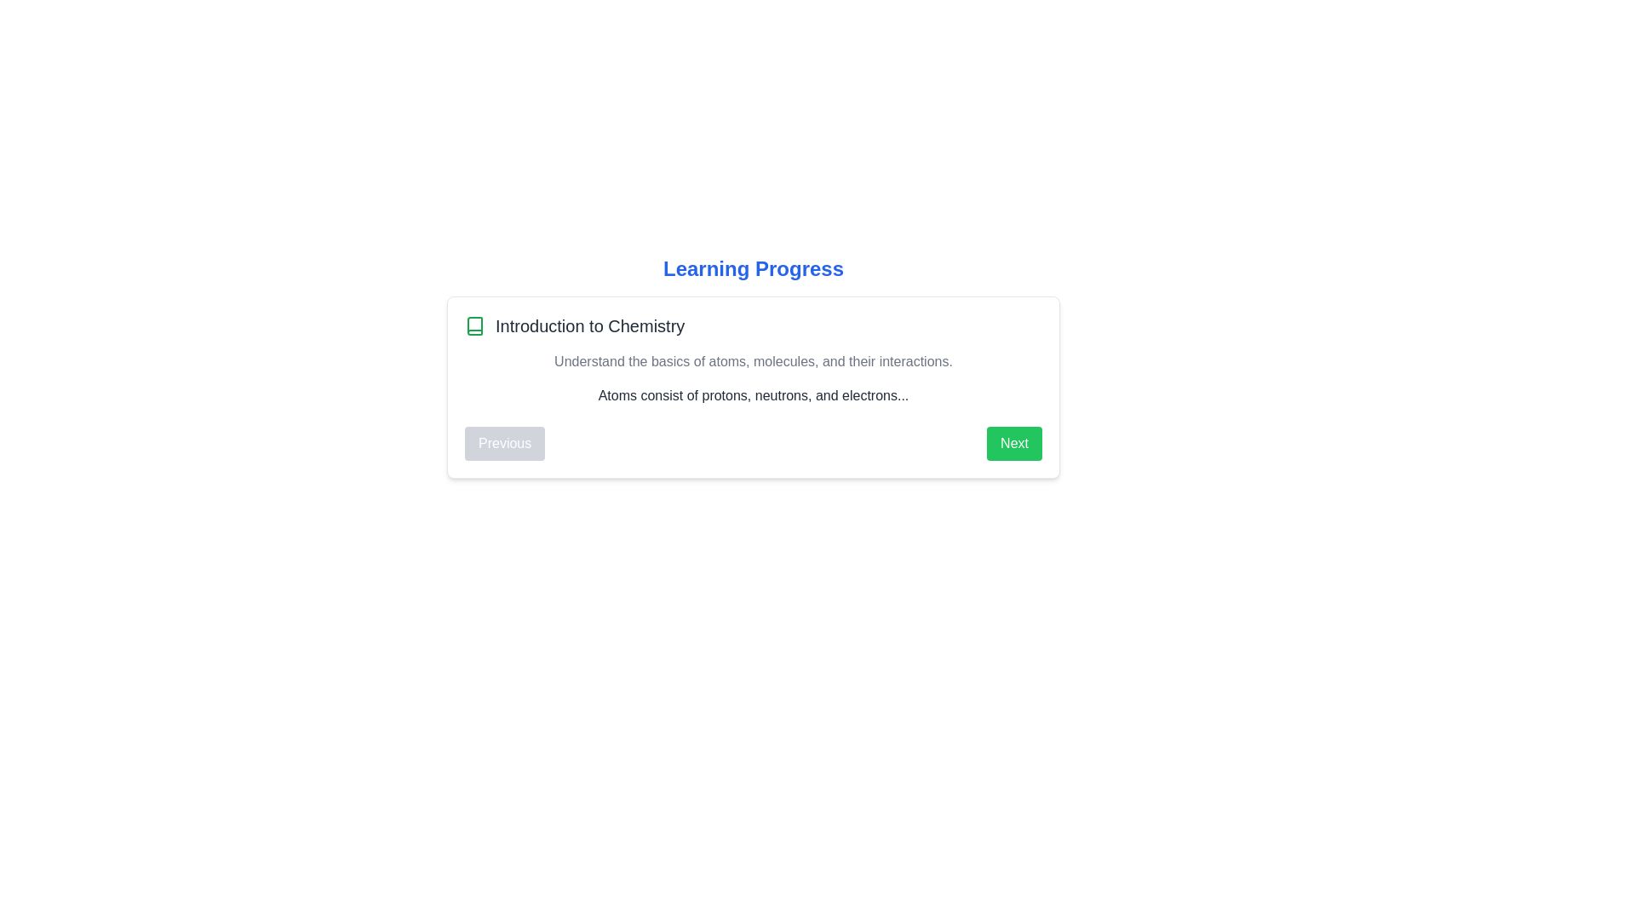 The height and width of the screenshot is (920, 1635). I want to click on text block displaying 'Atoms consist of protons, neutrons, and electrons...' located below the introductory description and above the navigation buttons, so click(752, 396).